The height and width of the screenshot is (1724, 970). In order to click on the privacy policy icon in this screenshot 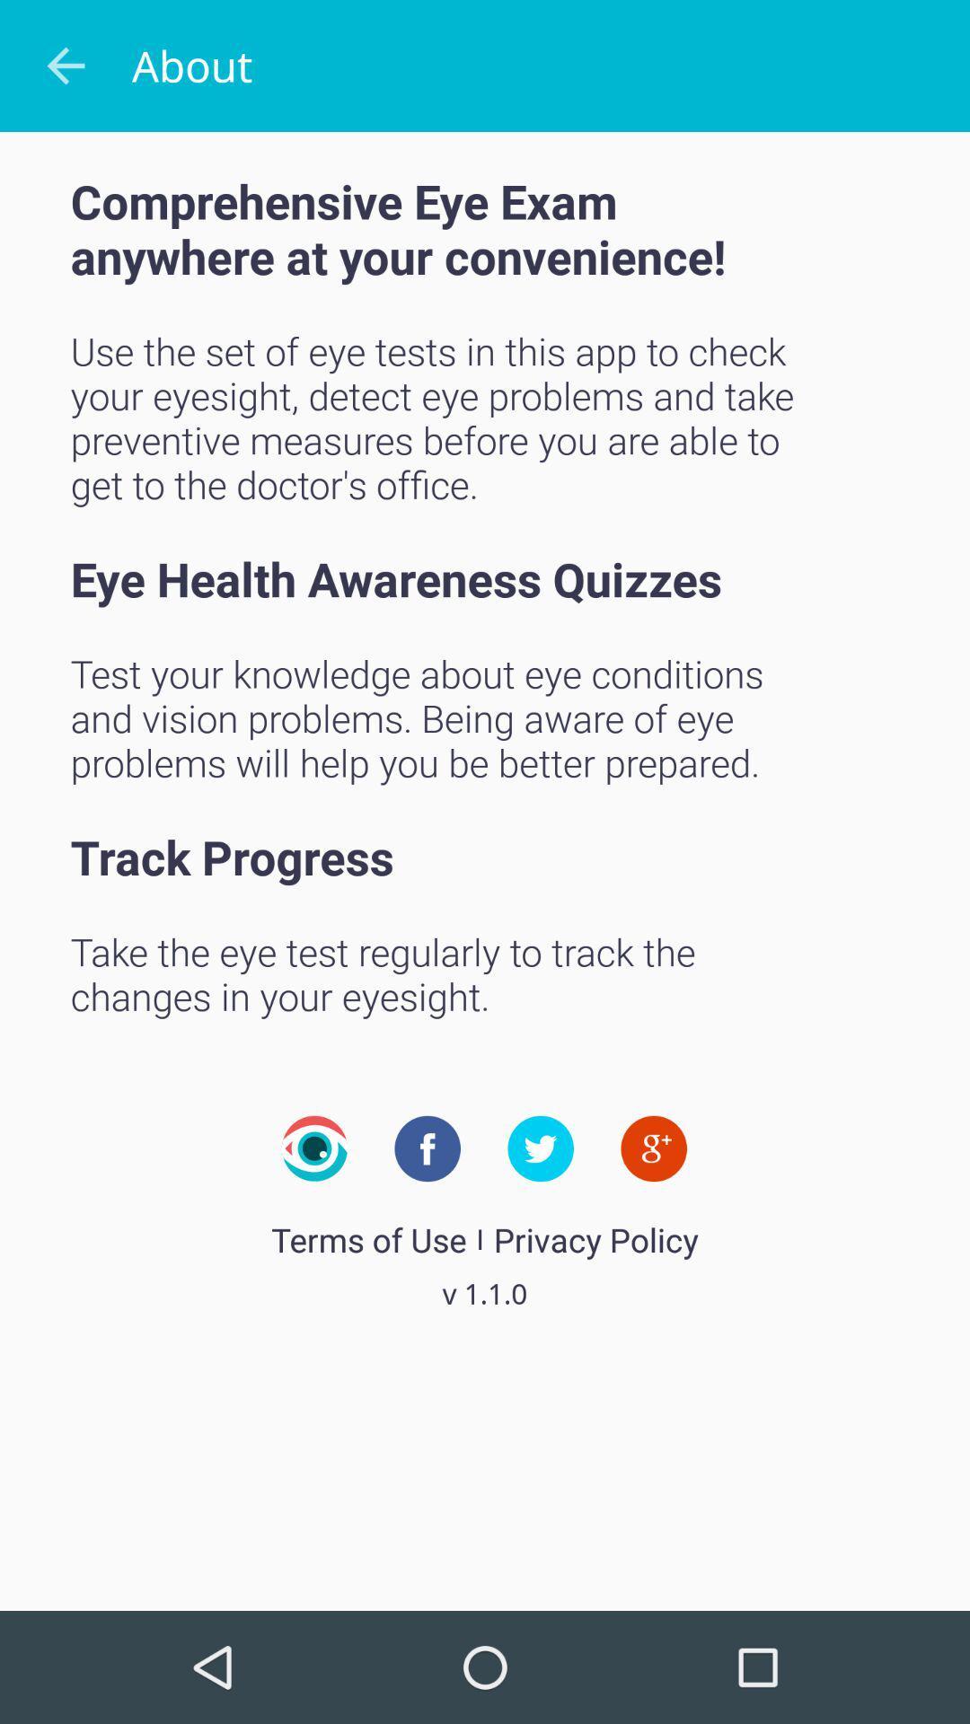, I will do `click(595, 1238)`.